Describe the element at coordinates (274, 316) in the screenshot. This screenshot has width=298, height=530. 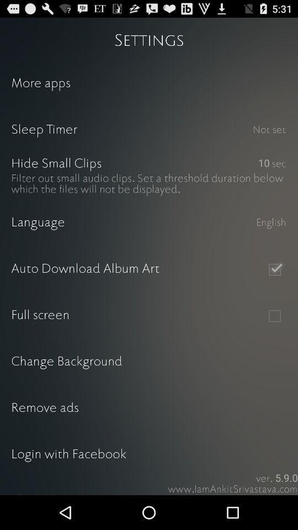
I see `icon above change background icon` at that location.